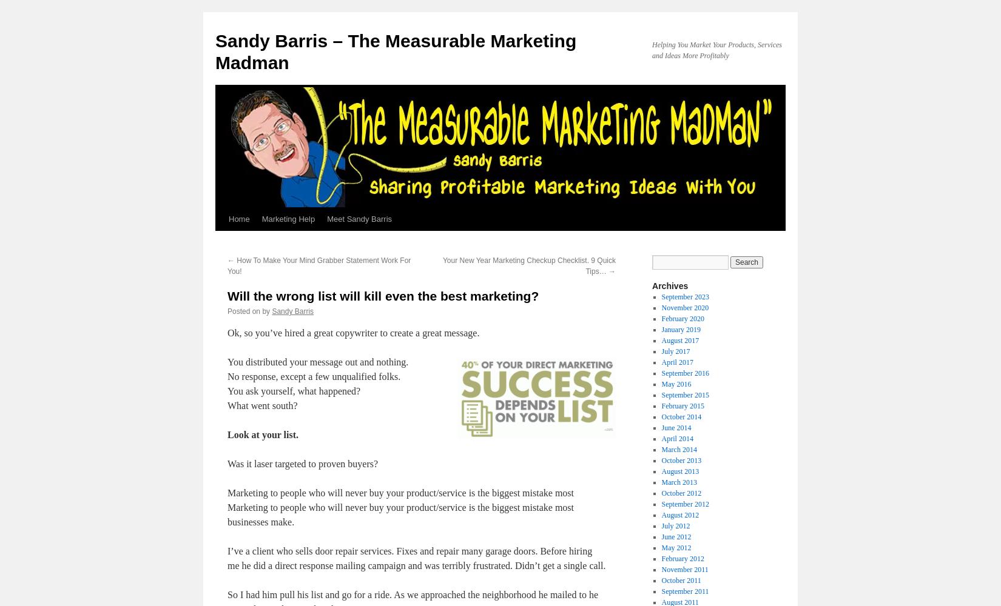 Image resolution: width=1001 pixels, height=606 pixels. I want to click on 'Will the wrong list will kill even the best marketing?', so click(382, 295).